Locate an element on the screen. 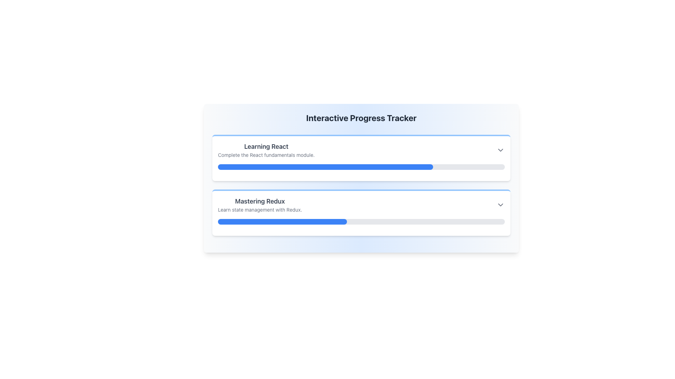 The image size is (675, 379). the text element reading 'Complete the React fundamentals module.' which is a descriptive subtitle located below the header 'Learning React' is located at coordinates (266, 155).